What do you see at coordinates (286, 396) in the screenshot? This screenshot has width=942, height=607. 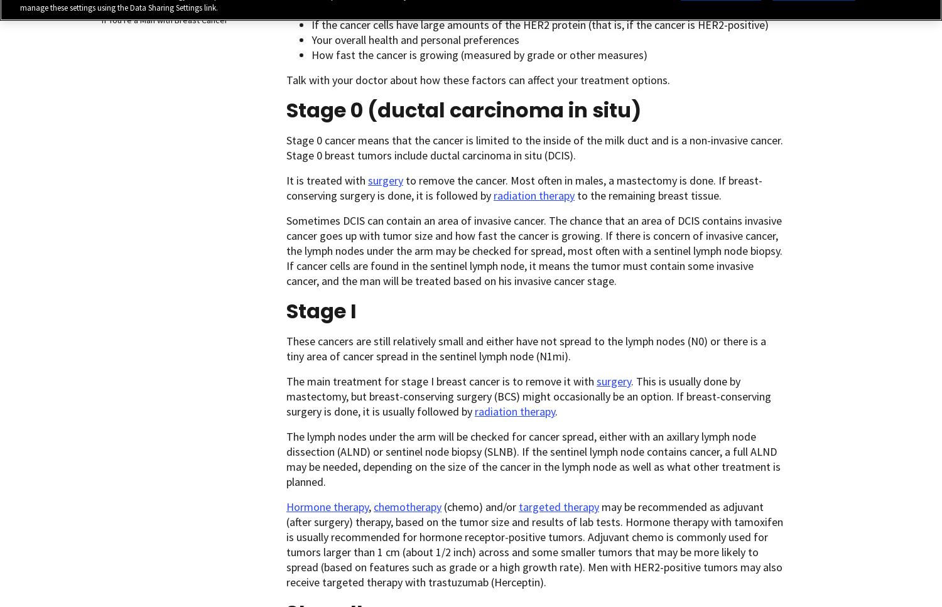 I see `'. This is usually done by mastectomy, but breast-conserving surgery (BCS) might occasionally be an option. If breast-conserving surgery is done, it is usually followed by'` at bounding box center [286, 396].